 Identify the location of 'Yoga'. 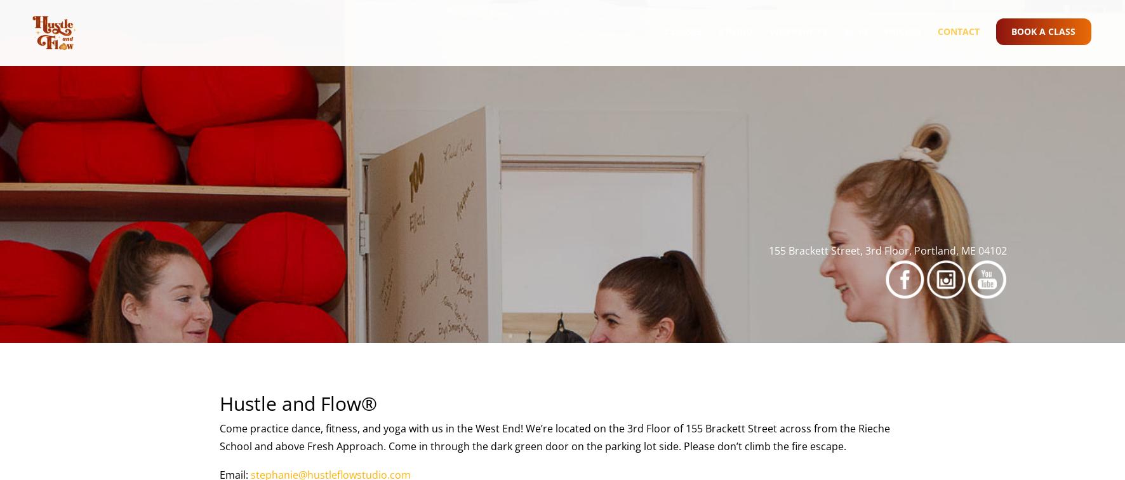
(702, 155).